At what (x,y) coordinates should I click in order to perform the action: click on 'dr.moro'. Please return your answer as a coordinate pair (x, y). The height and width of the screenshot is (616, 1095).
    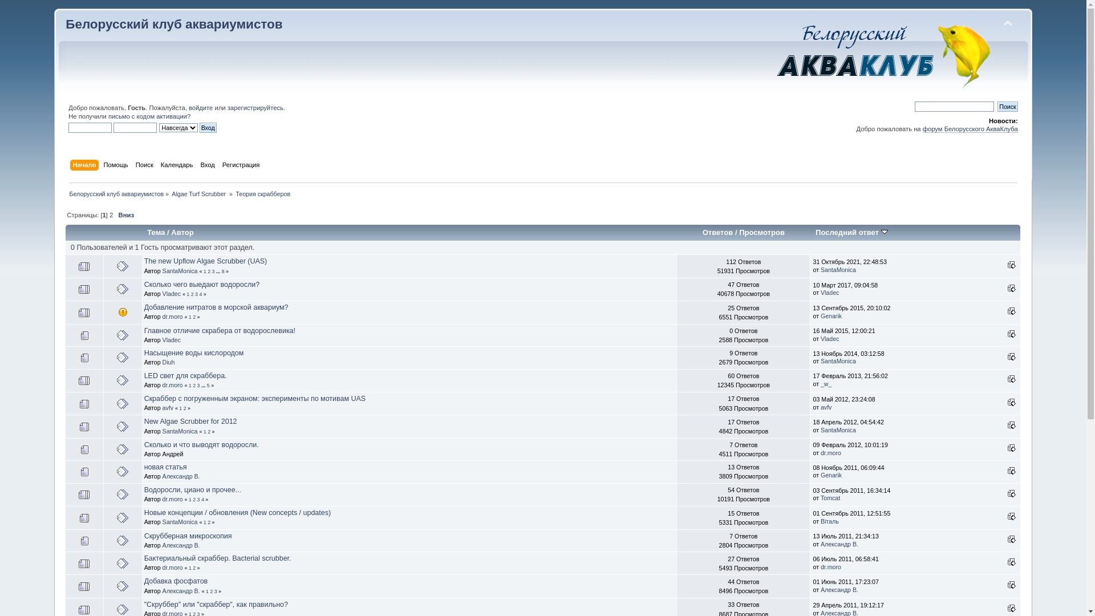
    Looking at the image, I should click on (820, 567).